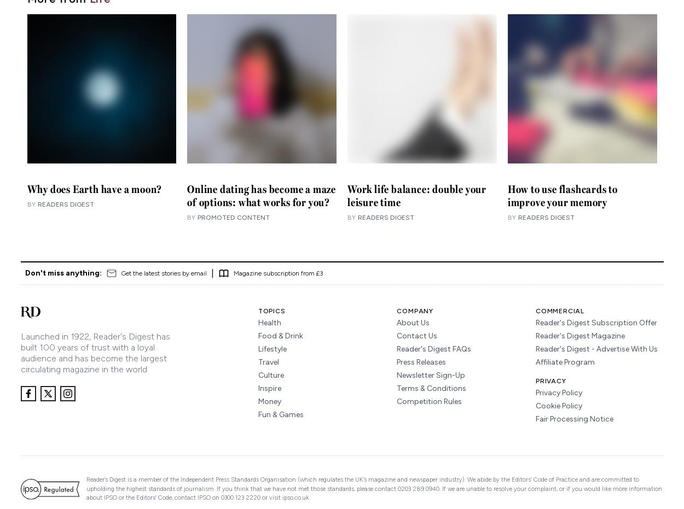 The height and width of the screenshot is (509, 684). What do you see at coordinates (431, 388) in the screenshot?
I see `'Terms & Conditions'` at bounding box center [431, 388].